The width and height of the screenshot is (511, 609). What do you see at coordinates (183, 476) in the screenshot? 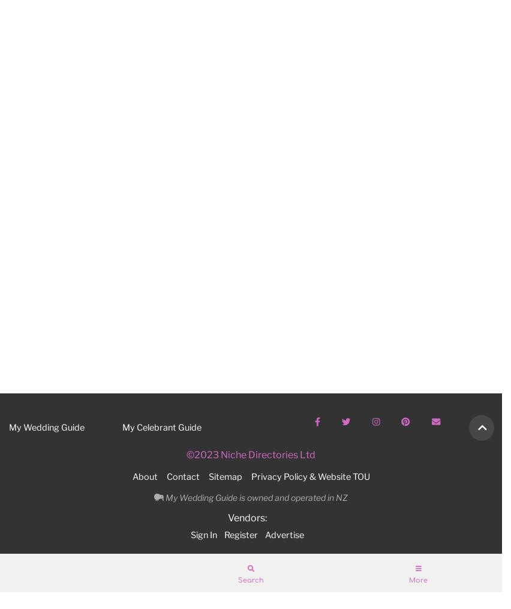
I see `'Contact'` at bounding box center [183, 476].